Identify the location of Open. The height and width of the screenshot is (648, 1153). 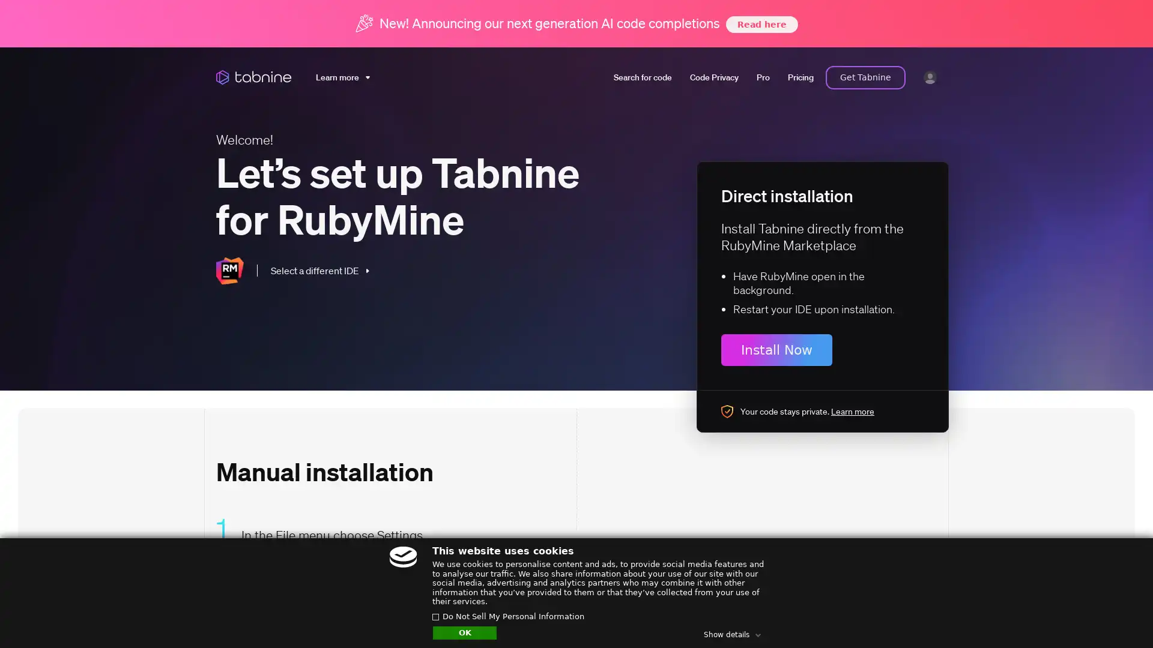
(1117, 616).